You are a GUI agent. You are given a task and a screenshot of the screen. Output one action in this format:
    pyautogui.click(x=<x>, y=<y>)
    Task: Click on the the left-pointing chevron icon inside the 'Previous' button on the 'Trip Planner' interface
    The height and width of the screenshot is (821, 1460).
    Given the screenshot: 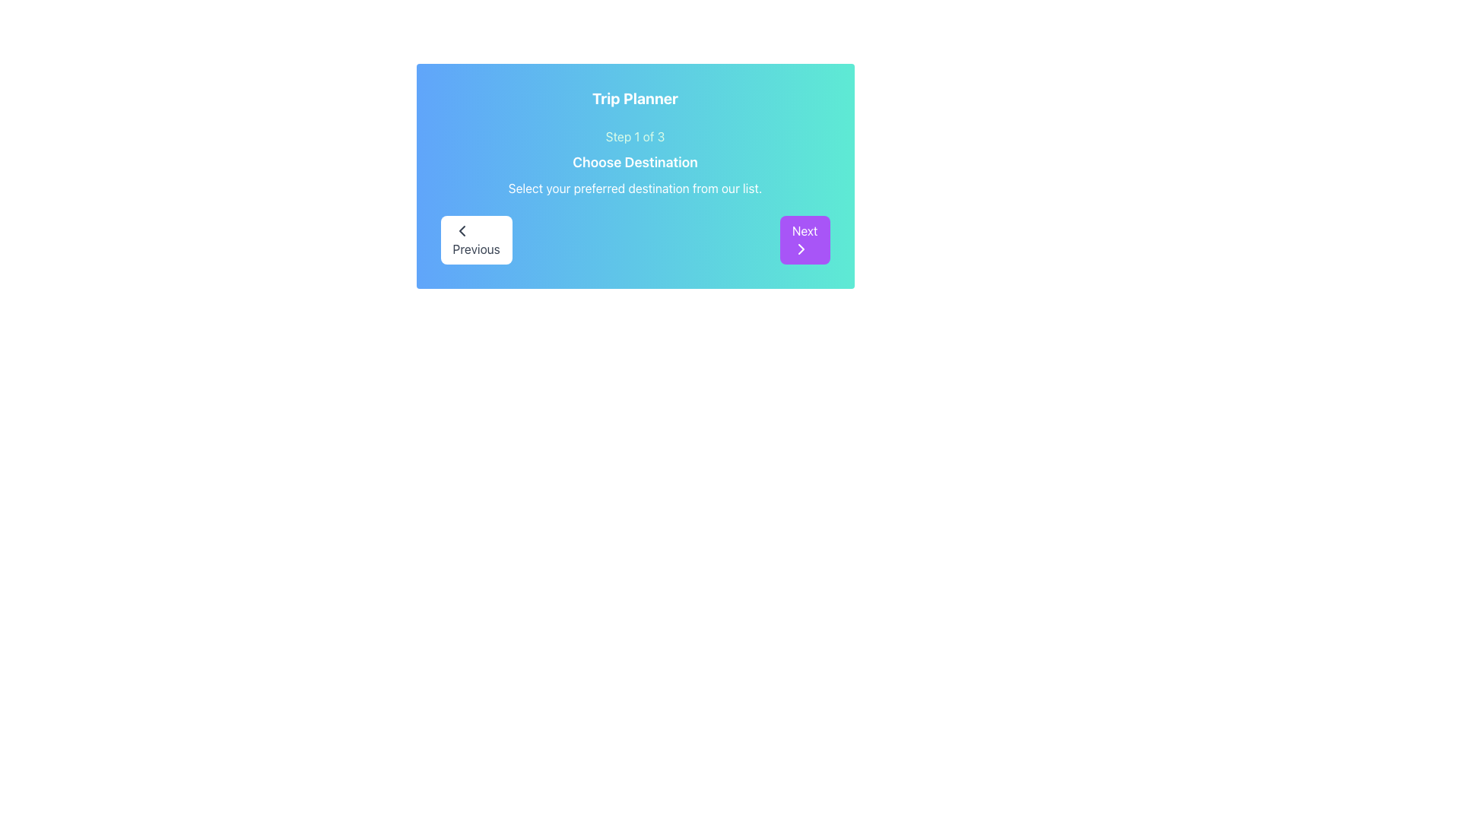 What is the action you would take?
    pyautogui.click(x=461, y=231)
    